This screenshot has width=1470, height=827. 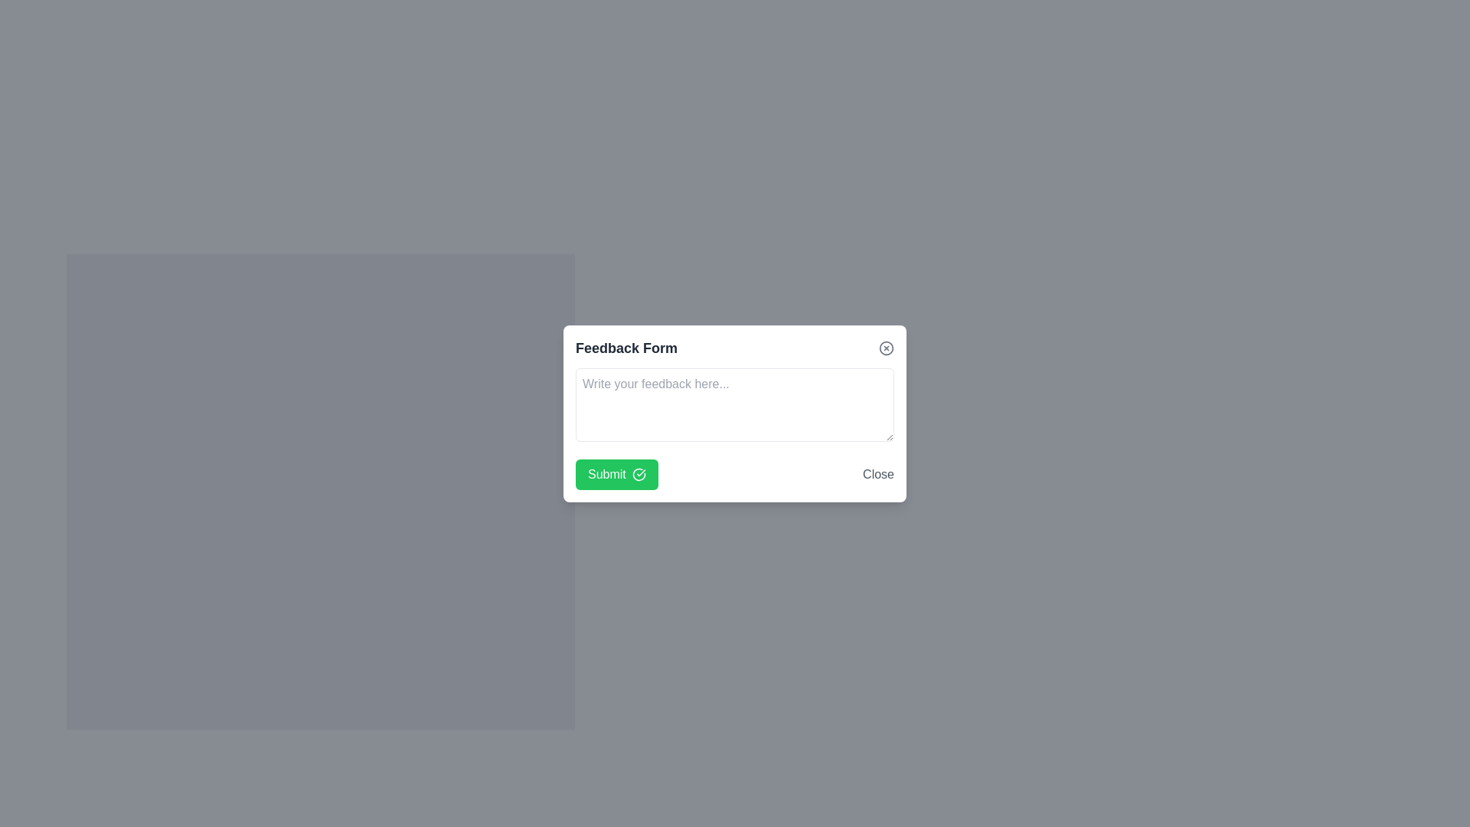 I want to click on the text area and type the feedback 'This is my feedback', so click(x=735, y=404).